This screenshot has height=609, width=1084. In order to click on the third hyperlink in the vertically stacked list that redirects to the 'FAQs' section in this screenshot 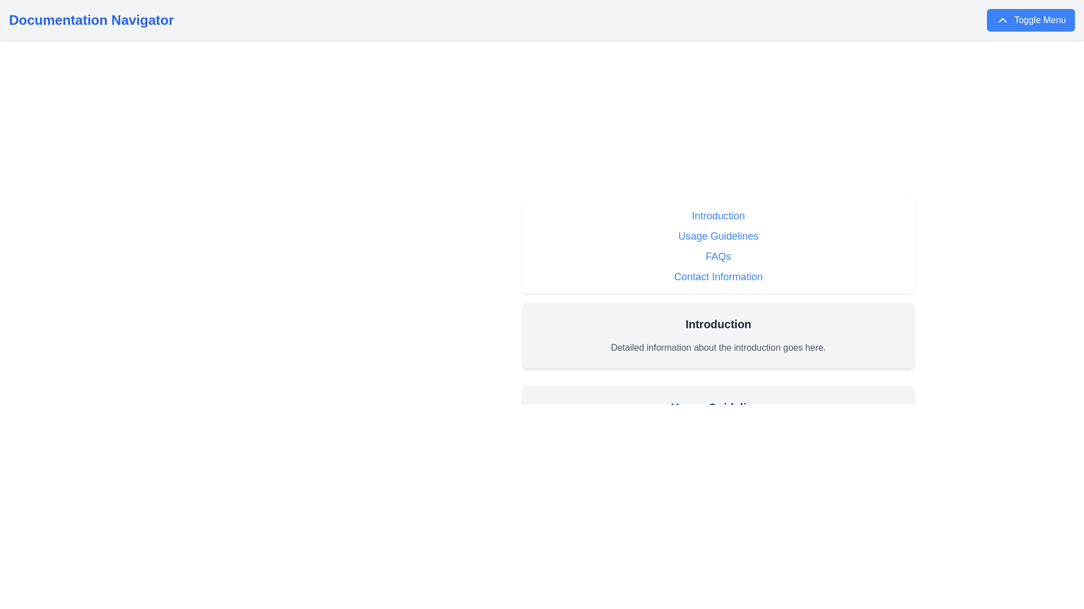, I will do `click(718, 257)`.